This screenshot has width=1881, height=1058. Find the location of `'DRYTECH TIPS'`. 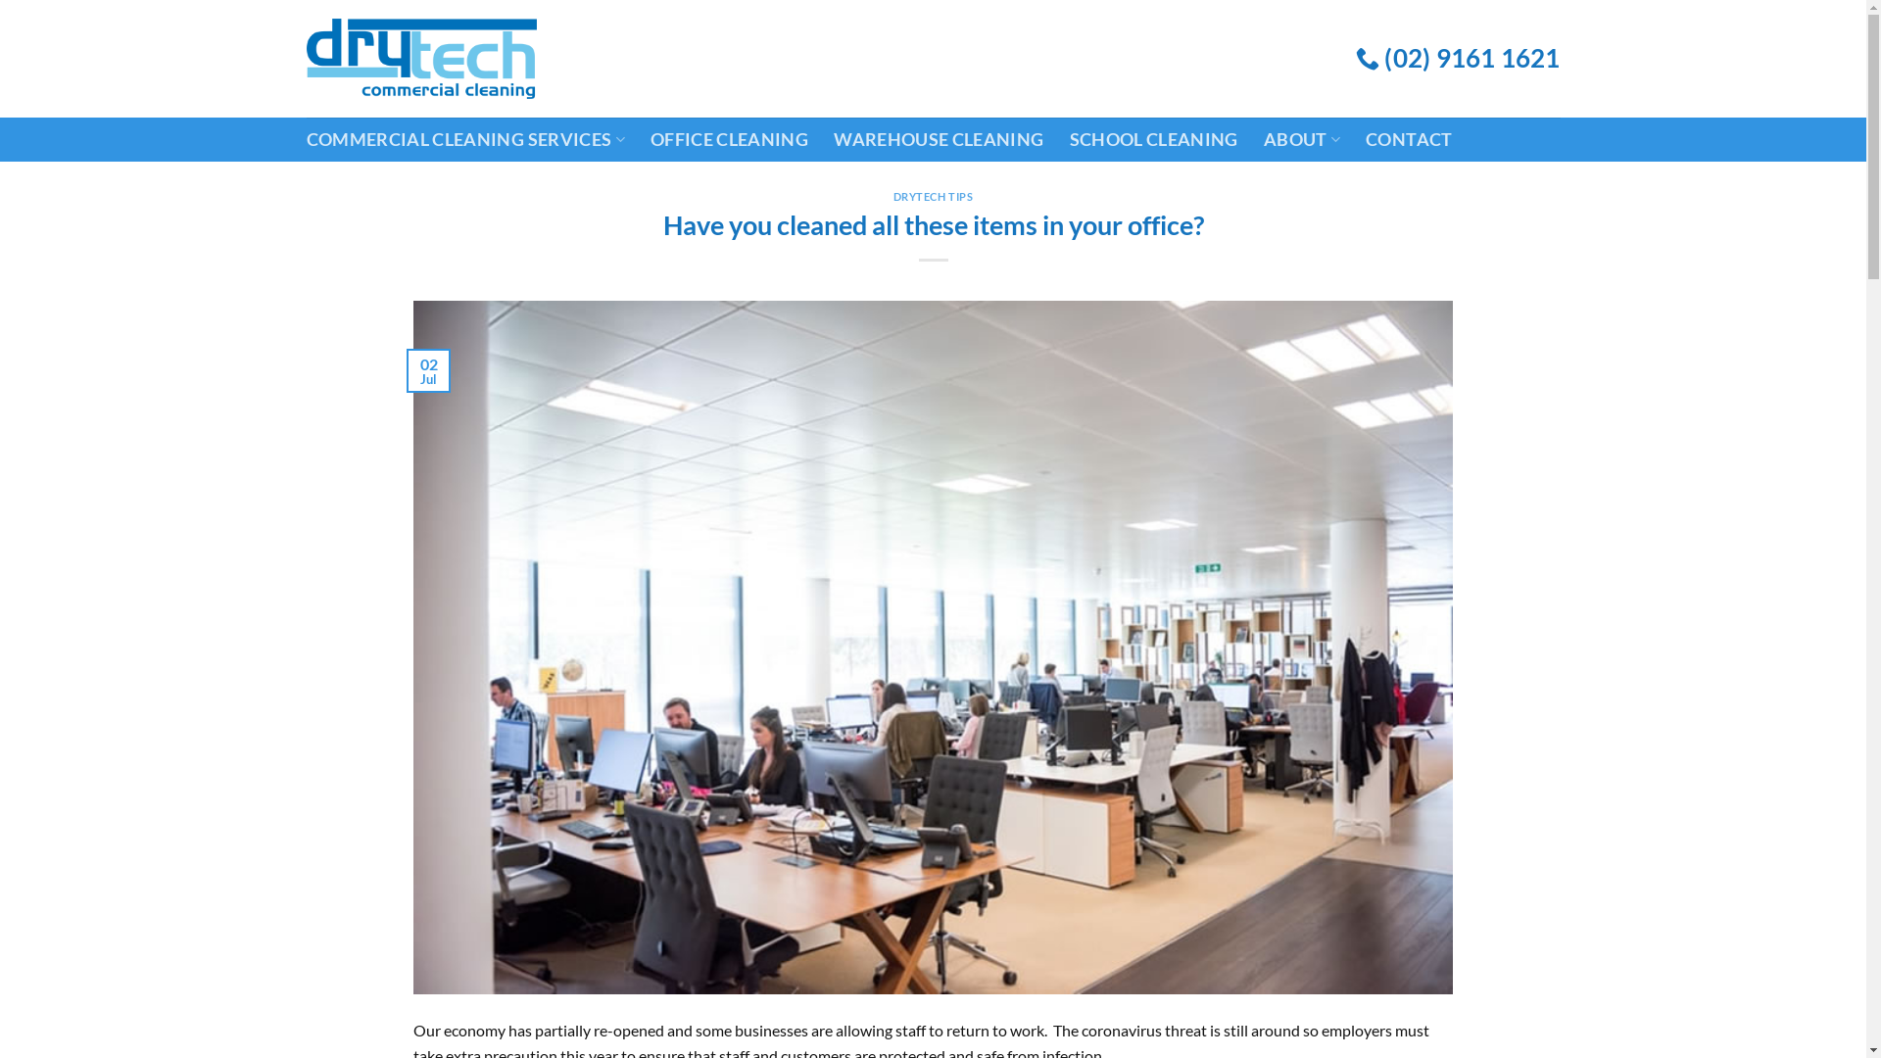

'DRYTECH TIPS' is located at coordinates (933, 196).